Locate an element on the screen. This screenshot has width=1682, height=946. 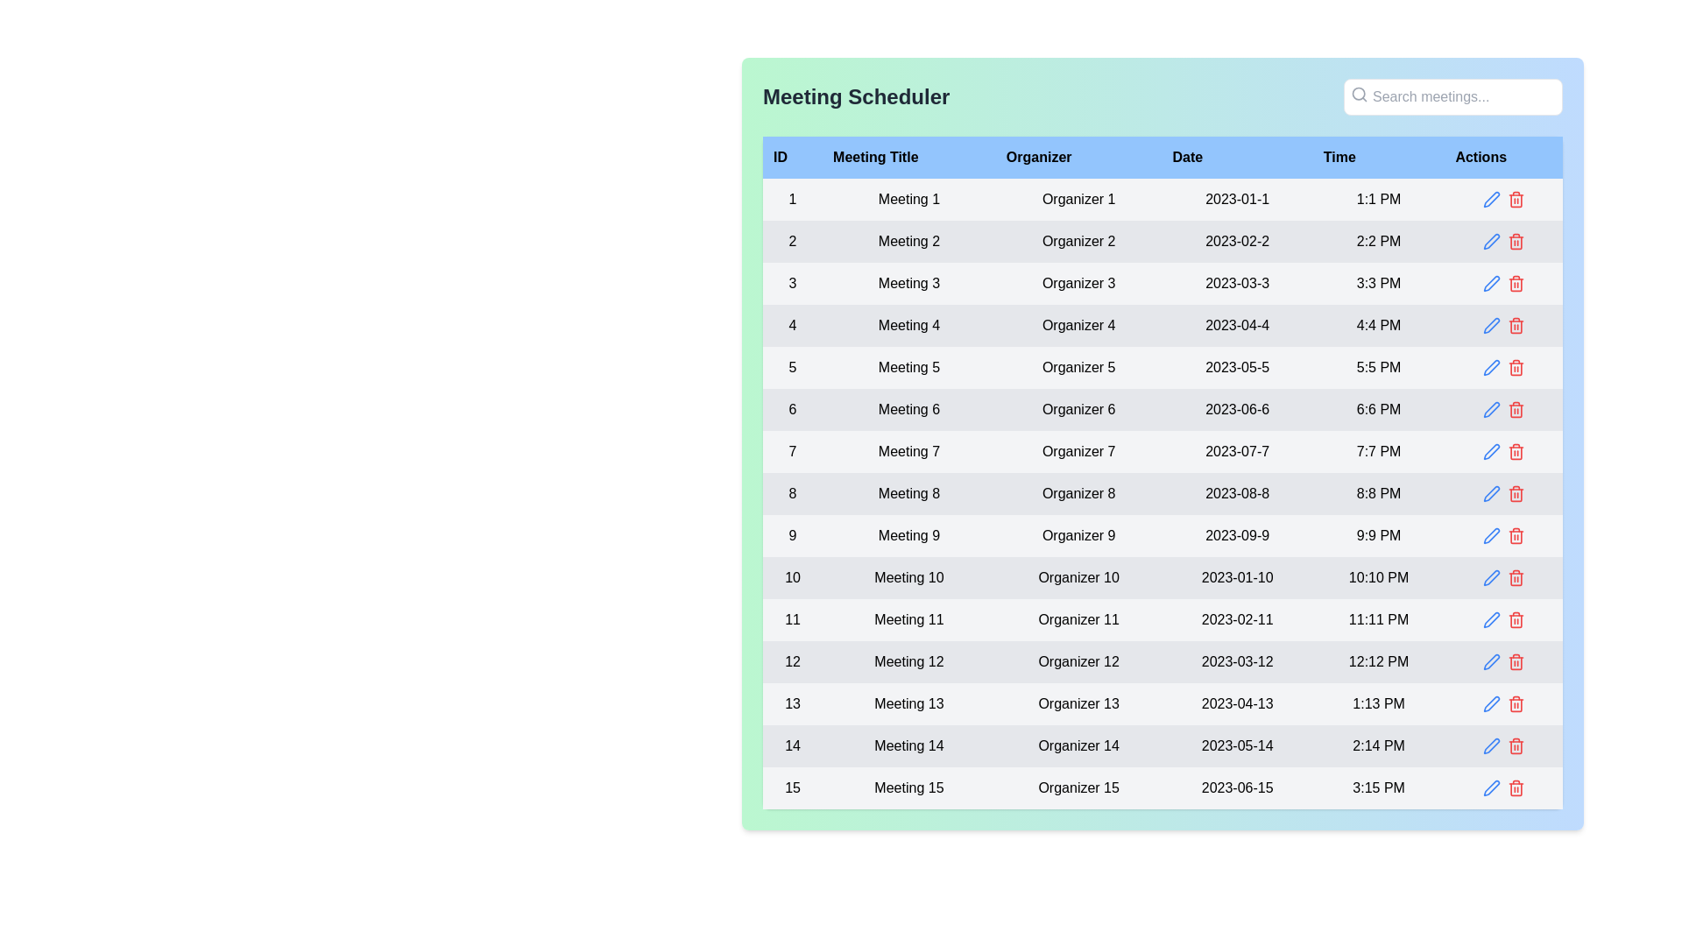
the non-interactive text displaying the organizer information for Meeting 9, located in the 'Organizer' column of row ID 9 in the table is located at coordinates (1078, 535).